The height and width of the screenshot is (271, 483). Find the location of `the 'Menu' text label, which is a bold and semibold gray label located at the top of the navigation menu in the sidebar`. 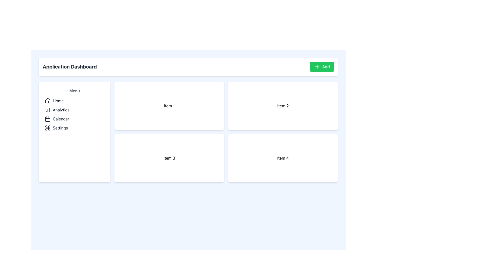

the 'Menu' text label, which is a bold and semibold gray label located at the top of the navigation menu in the sidebar is located at coordinates (74, 91).